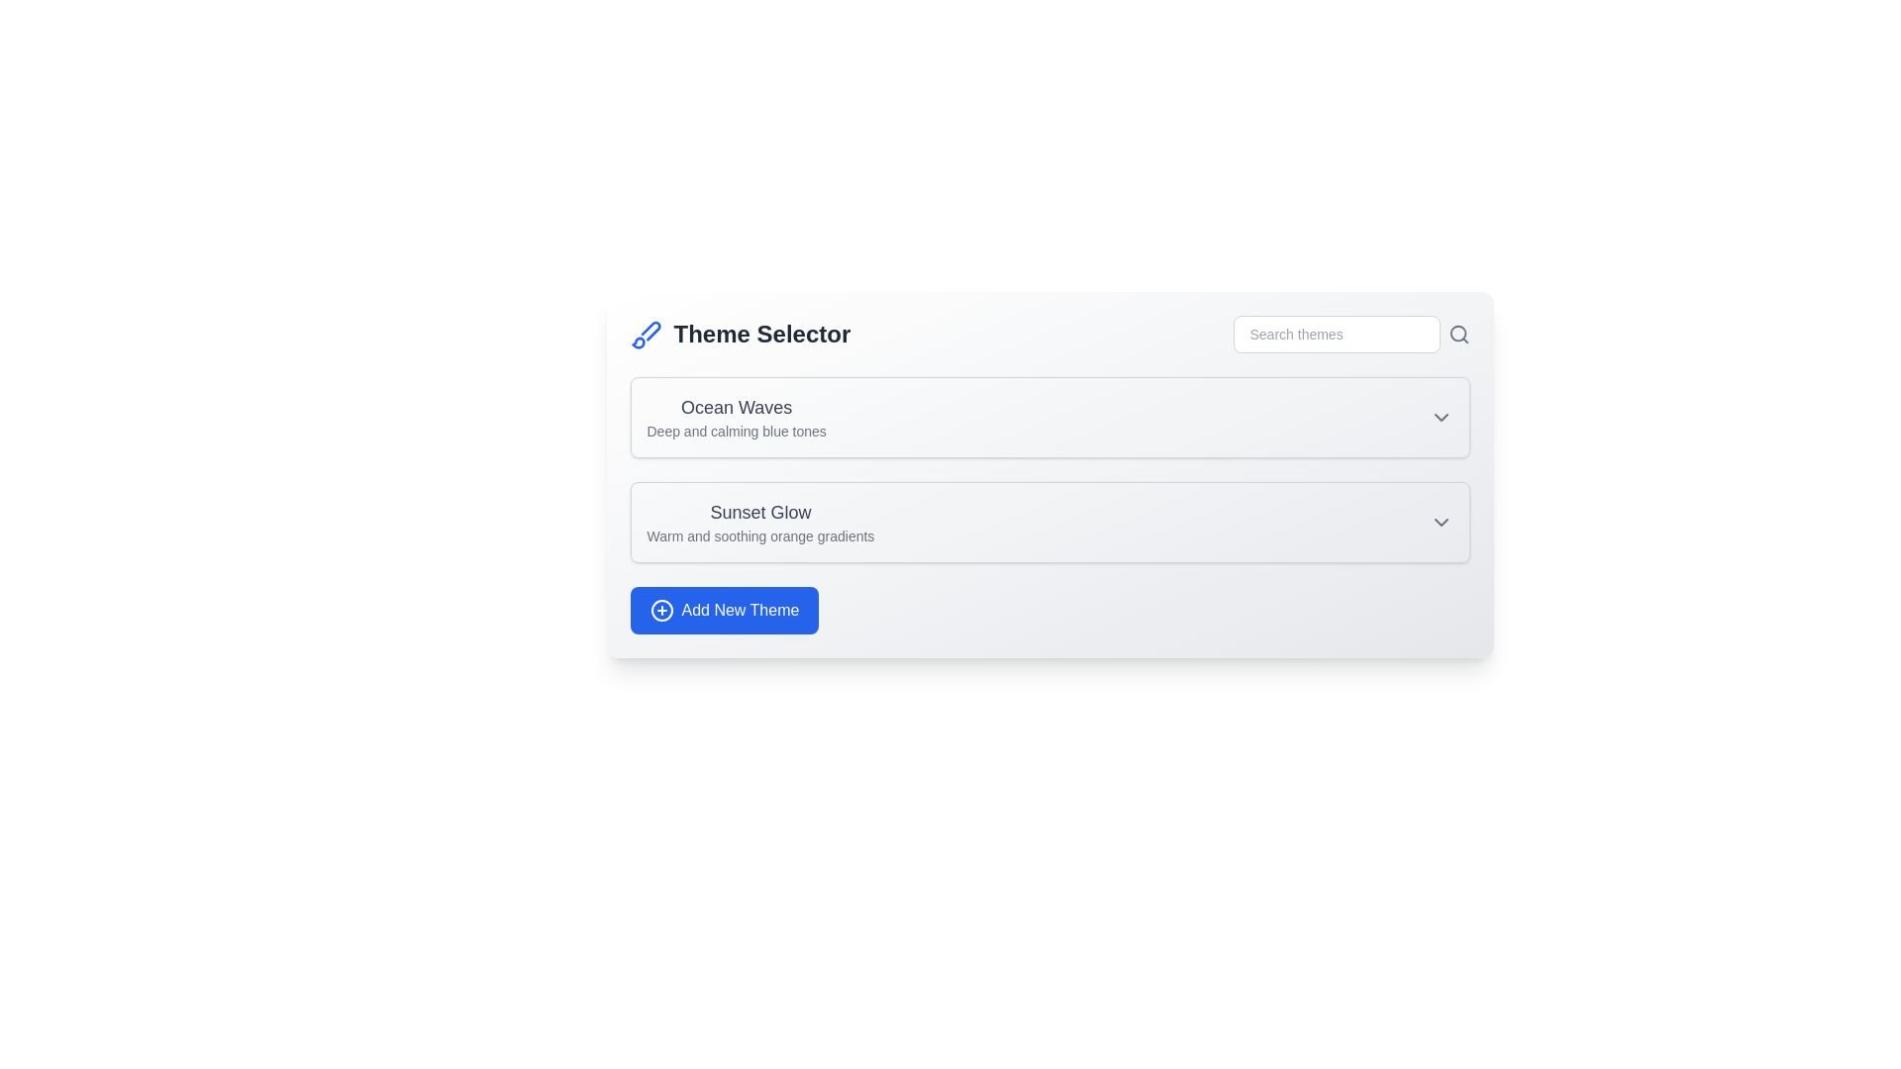 The height and width of the screenshot is (1069, 1901). Describe the element at coordinates (1049, 416) in the screenshot. I see `the 'Ocean Waves' theme option in the Theme Selector` at that location.